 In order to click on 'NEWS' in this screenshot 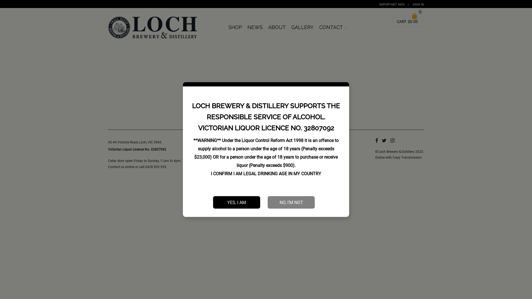, I will do `click(255, 27)`.